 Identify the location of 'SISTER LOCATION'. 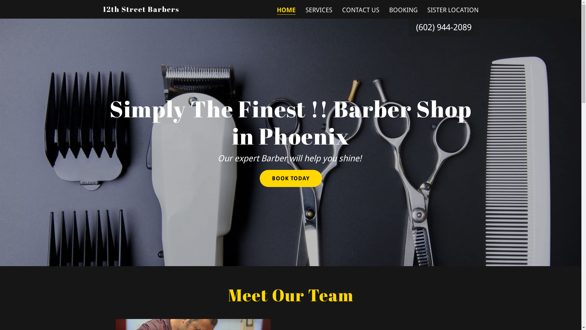
(453, 10).